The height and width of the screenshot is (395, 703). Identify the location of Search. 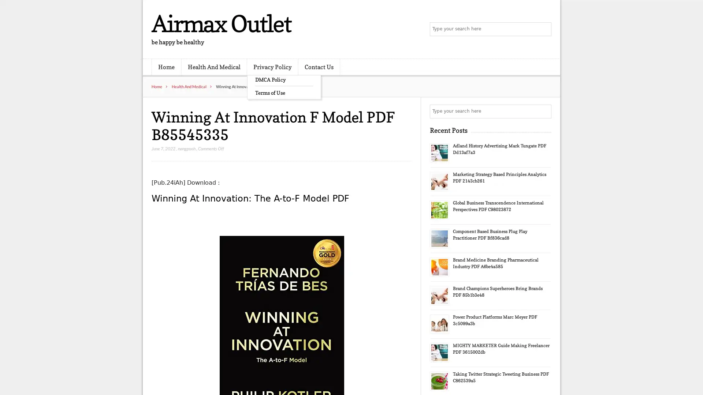
(544, 29).